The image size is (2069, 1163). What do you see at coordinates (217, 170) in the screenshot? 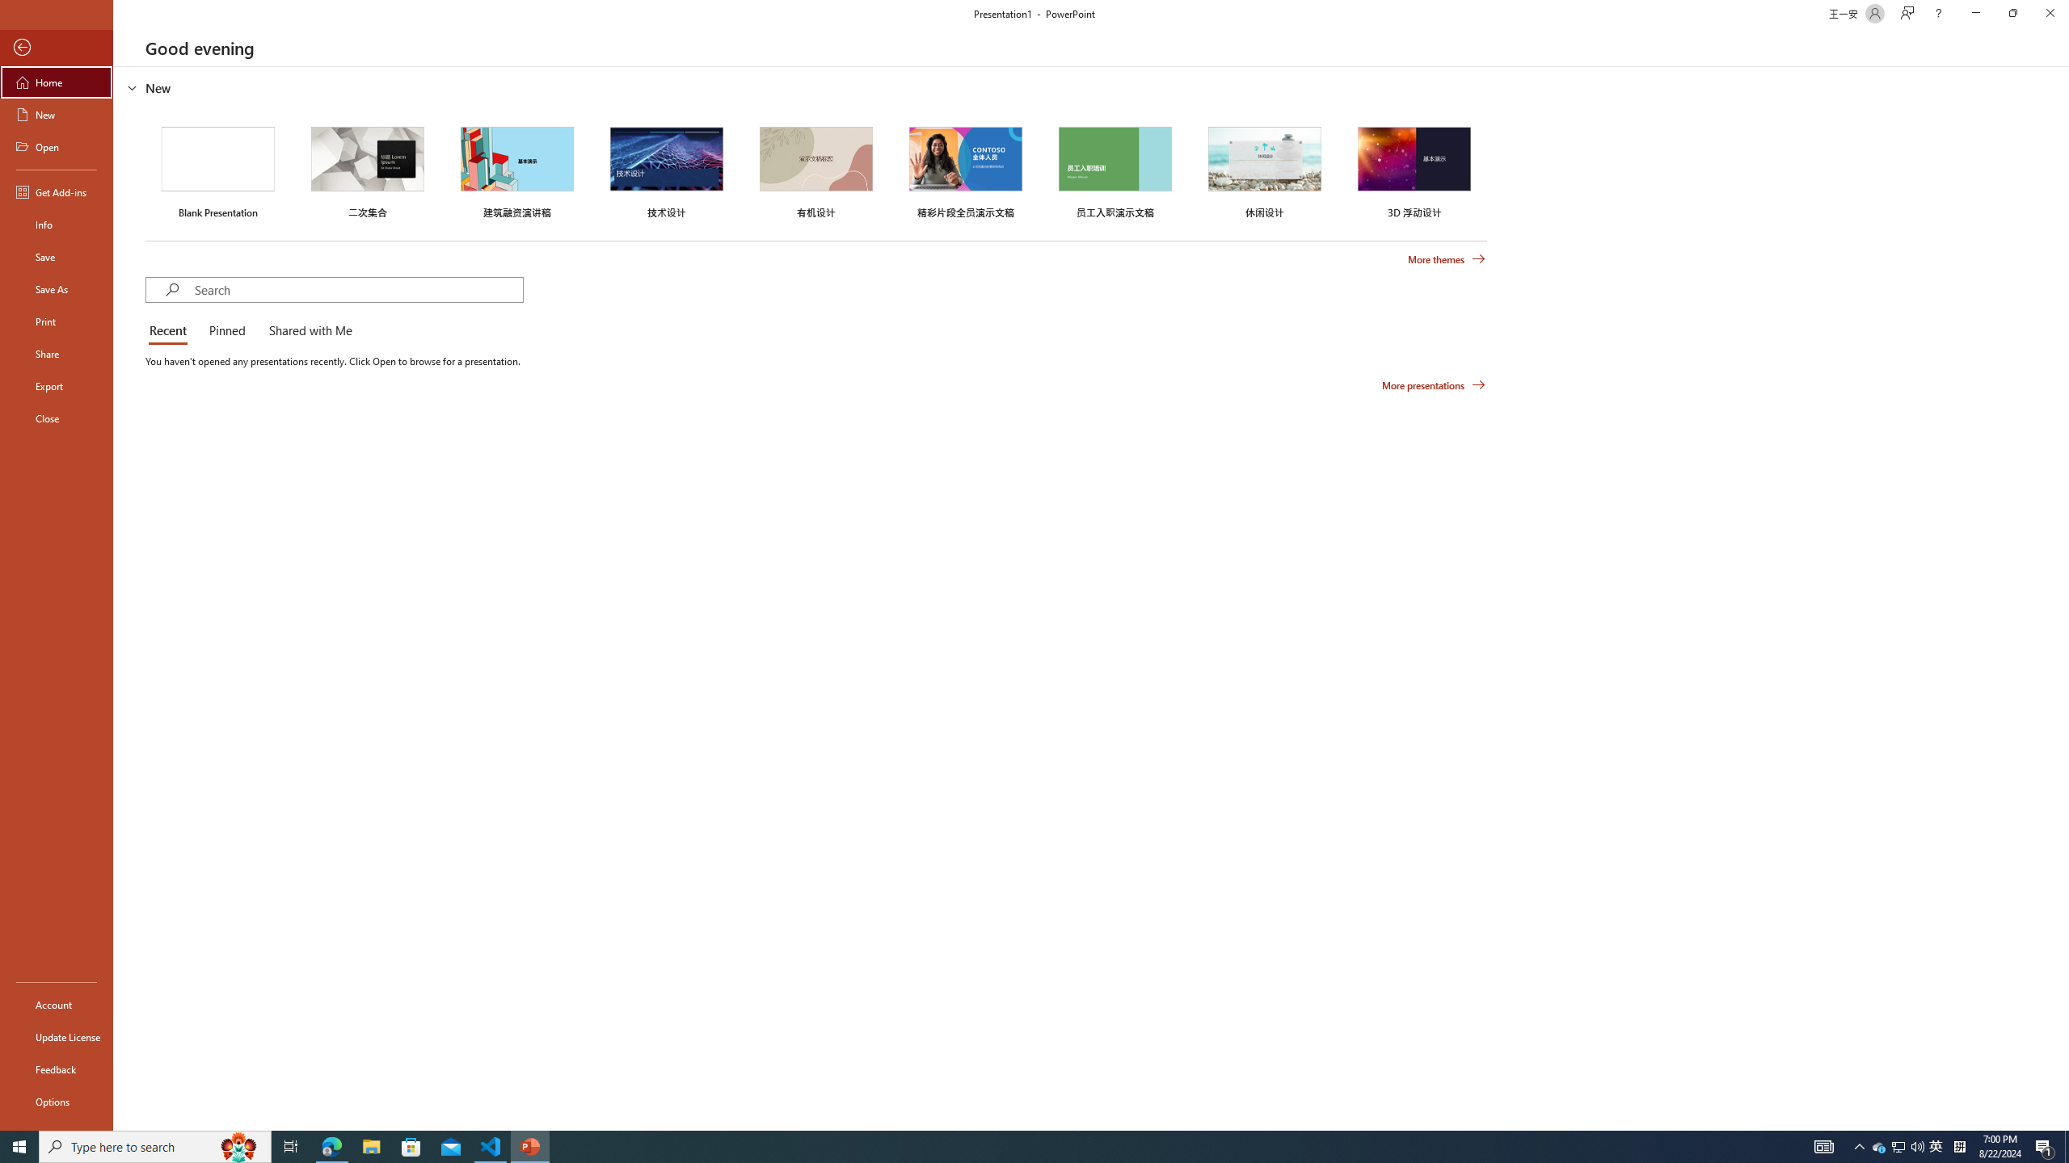
I see `'Blank Presentation'` at bounding box center [217, 170].